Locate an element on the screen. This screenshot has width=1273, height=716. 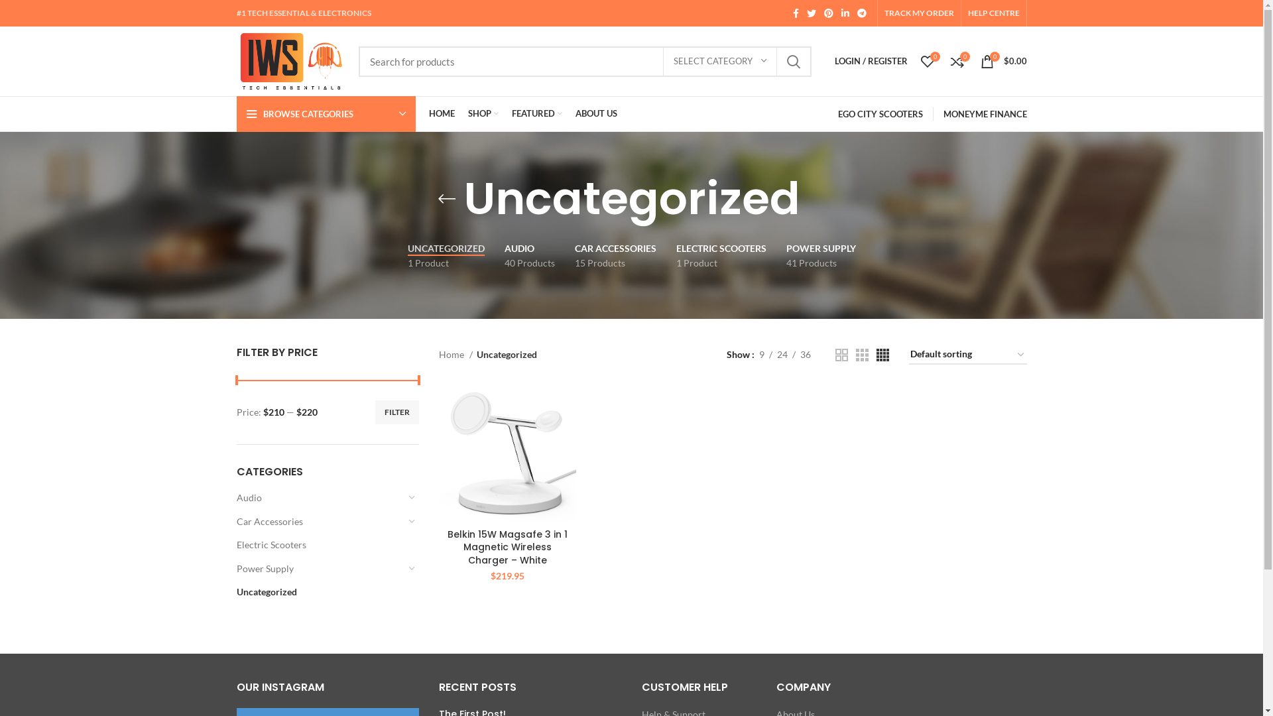
'TRACK MY ORDER' is located at coordinates (884, 13).